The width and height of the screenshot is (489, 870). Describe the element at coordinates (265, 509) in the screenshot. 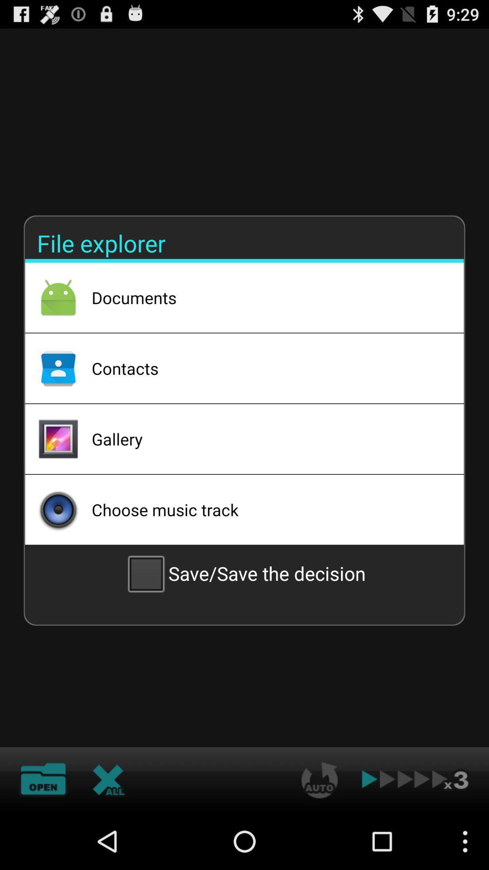

I see `choose music track` at that location.